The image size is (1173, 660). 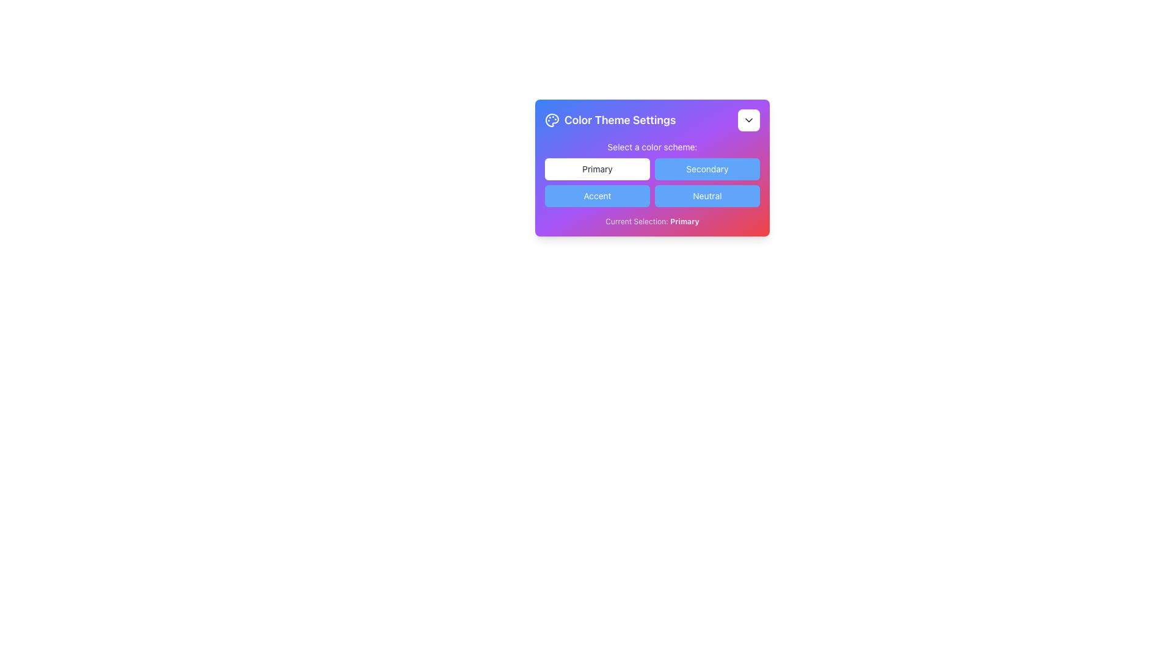 What do you see at coordinates (597, 169) in the screenshot?
I see `the 'Primary' theme color button located in the top row, left column of the grid` at bounding box center [597, 169].